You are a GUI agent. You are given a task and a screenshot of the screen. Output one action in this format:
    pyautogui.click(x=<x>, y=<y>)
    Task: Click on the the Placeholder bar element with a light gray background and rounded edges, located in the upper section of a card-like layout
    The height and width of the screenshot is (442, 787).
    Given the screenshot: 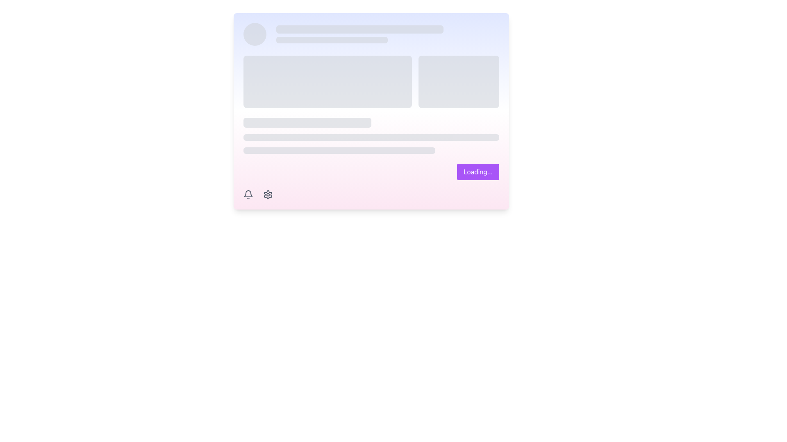 What is the action you would take?
    pyautogui.click(x=360, y=29)
    